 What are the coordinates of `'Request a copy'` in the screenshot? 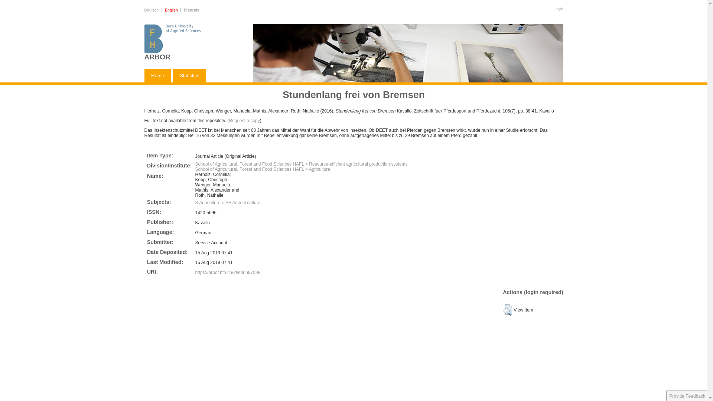 It's located at (244, 120).